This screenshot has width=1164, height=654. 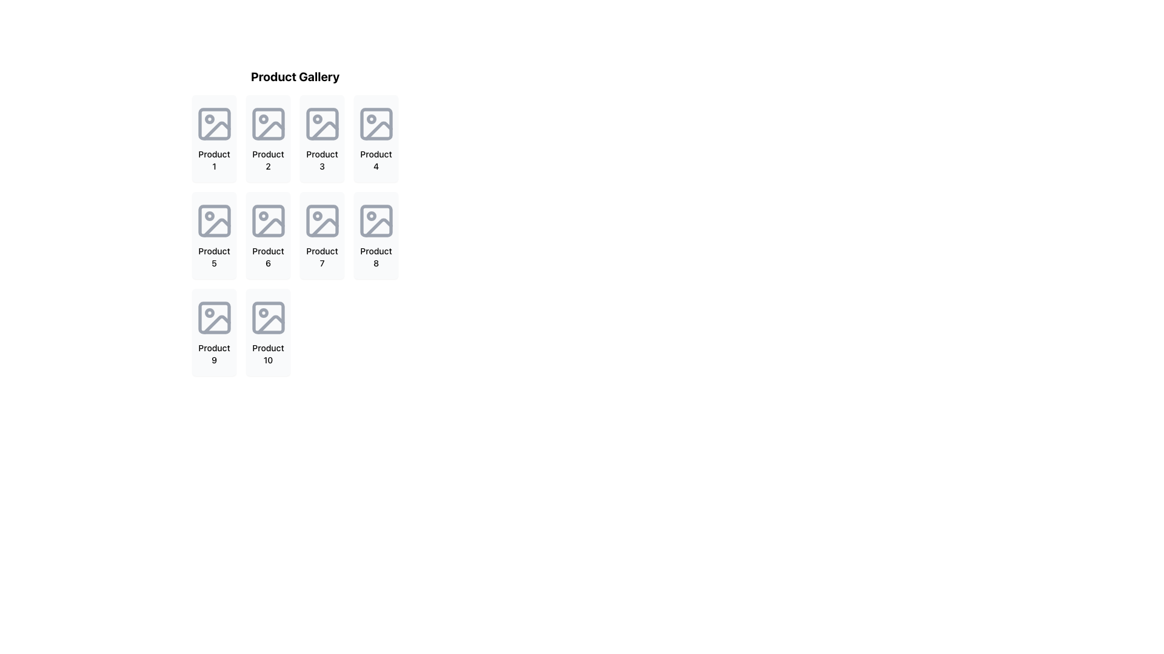 I want to click on text displayed in the label showing 'Product 9', which is the last item in the second column of the grid layout, so click(x=214, y=354).